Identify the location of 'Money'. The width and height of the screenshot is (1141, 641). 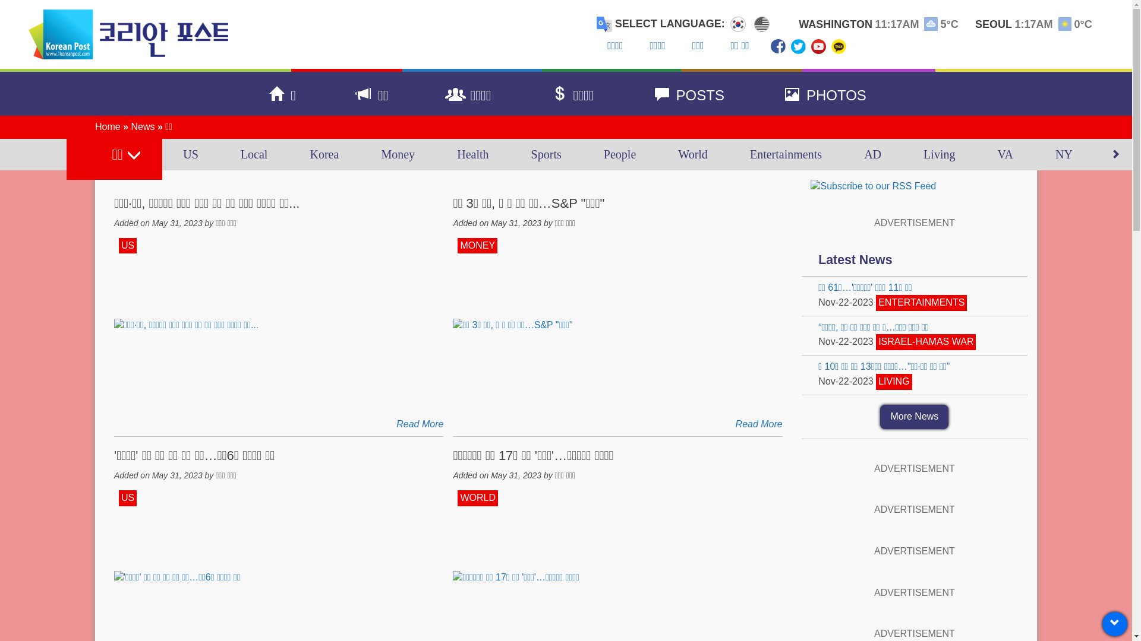
(398, 154).